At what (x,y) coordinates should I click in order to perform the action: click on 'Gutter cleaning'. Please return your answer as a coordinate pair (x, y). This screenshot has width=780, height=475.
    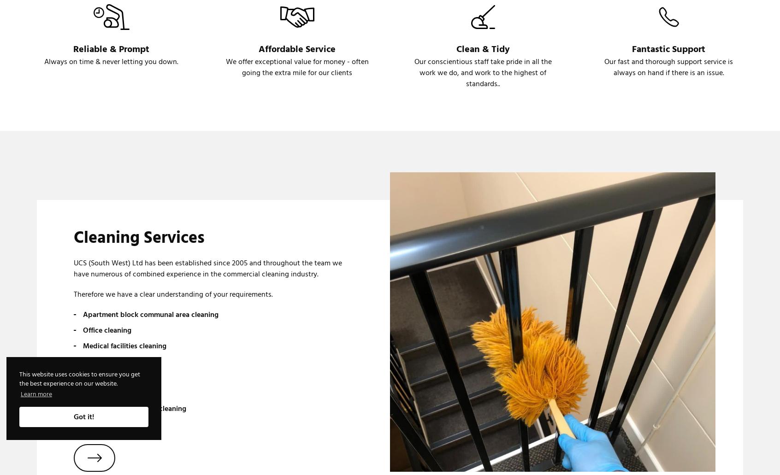
    Looking at the image, I should click on (83, 424).